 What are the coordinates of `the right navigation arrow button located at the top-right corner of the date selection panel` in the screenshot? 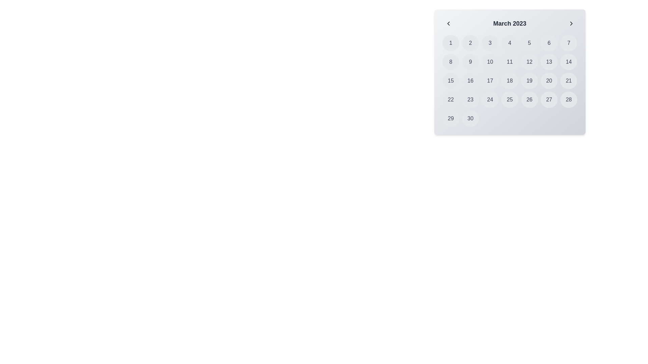 It's located at (571, 23).